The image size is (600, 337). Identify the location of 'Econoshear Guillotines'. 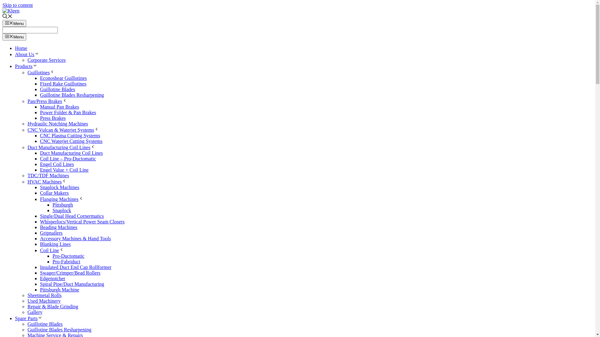
(63, 78).